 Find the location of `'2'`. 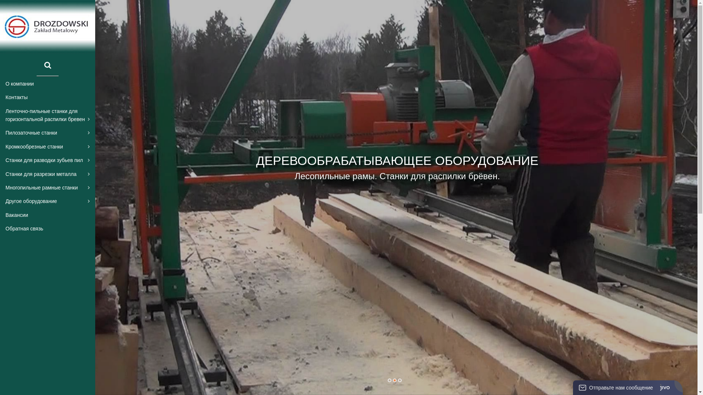

'2' is located at coordinates (394, 380).